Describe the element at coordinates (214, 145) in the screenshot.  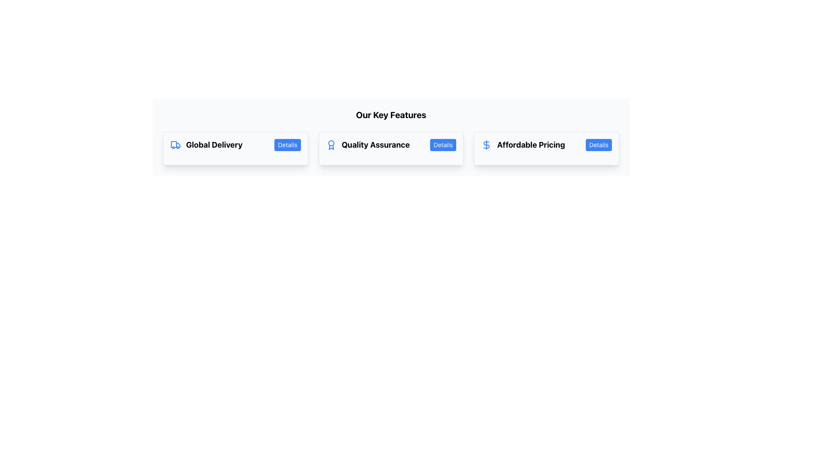
I see `the Static text label that contains the text 'Global Delivery', which is positioned to the right of a blue truck icon and to the left of a blue 'Details' button` at that location.